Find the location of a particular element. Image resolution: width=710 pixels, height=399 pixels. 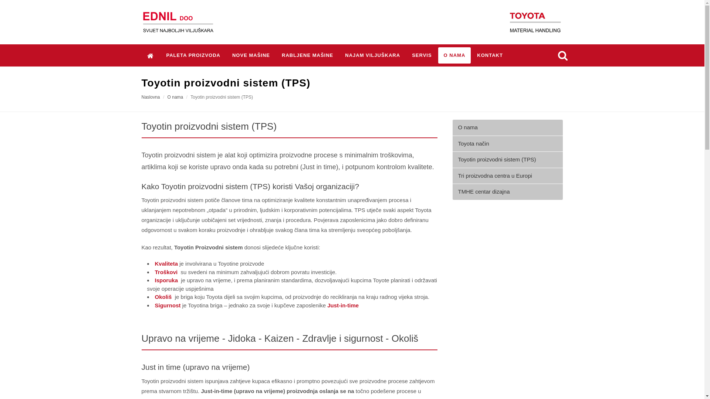

'TMHE centar dizajna' is located at coordinates (507, 191).